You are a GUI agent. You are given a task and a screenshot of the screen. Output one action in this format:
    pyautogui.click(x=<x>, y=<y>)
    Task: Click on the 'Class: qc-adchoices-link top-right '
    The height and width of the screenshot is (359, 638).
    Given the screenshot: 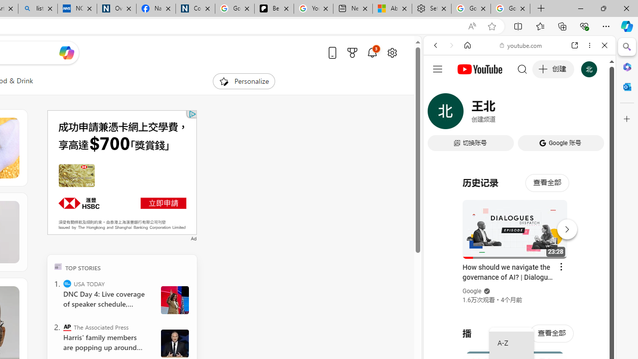 What is the action you would take?
    pyautogui.click(x=192, y=113)
    